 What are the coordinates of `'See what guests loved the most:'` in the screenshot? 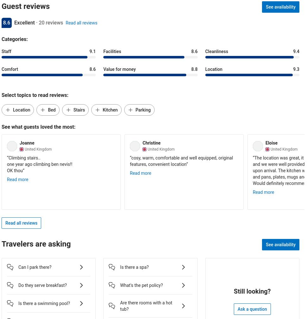 It's located at (38, 126).